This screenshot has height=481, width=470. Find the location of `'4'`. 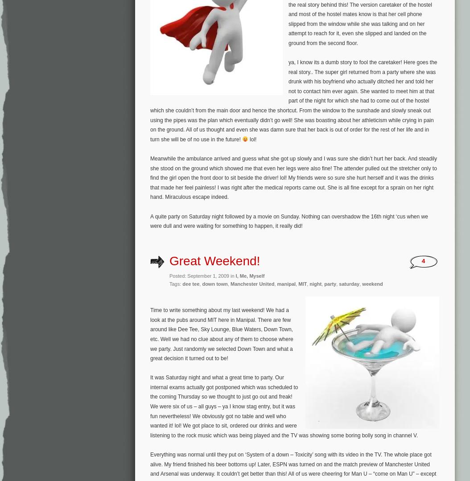

'4' is located at coordinates (423, 261).